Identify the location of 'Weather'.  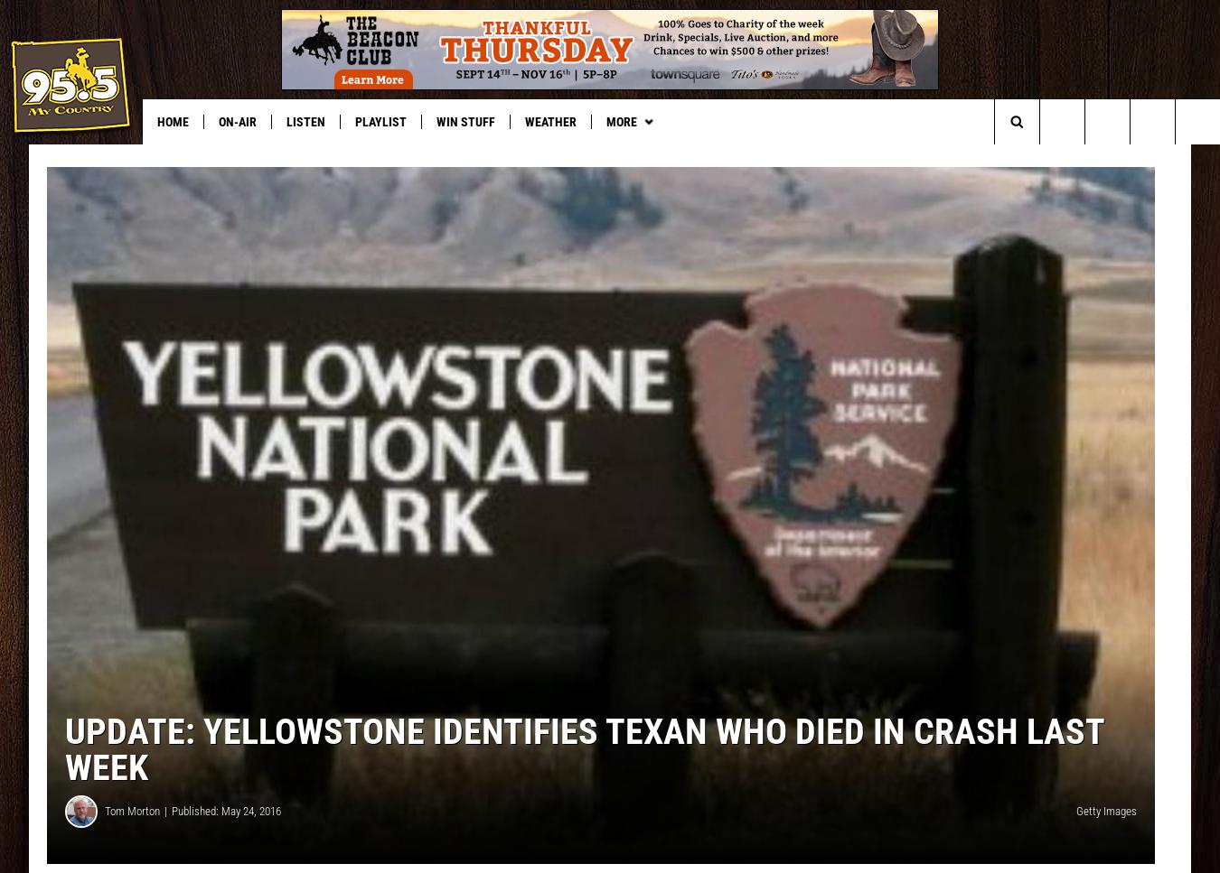
(550, 120).